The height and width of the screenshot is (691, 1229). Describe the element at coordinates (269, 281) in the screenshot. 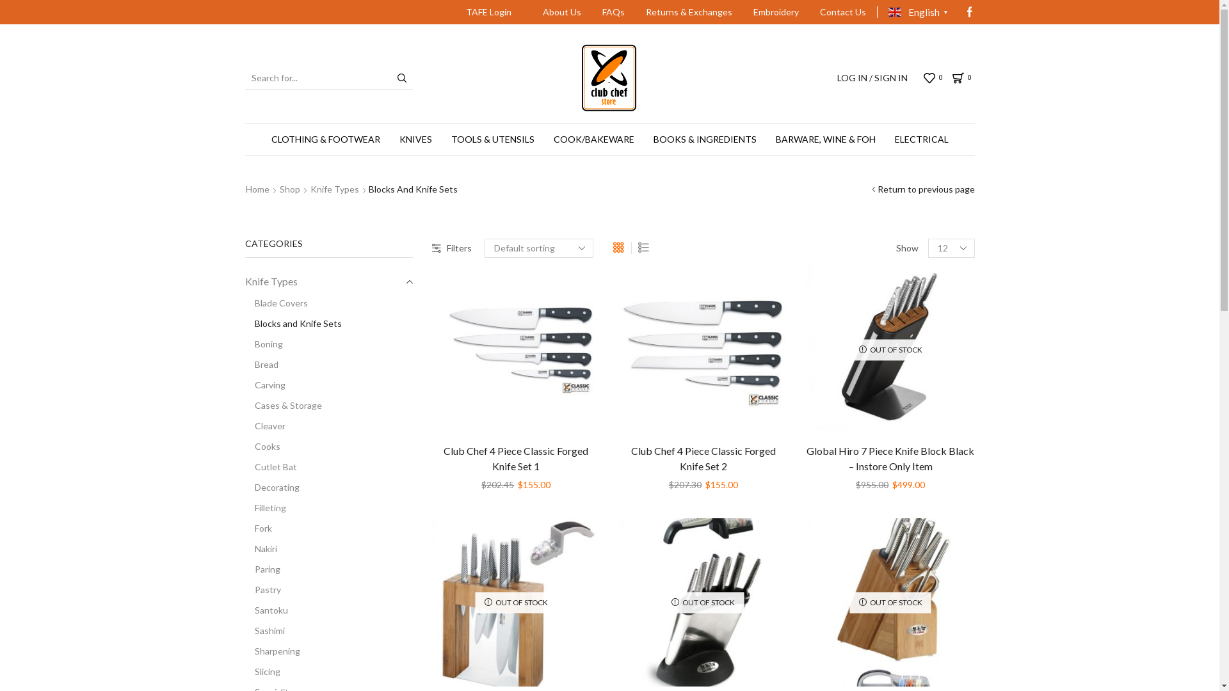

I see `'Knife Types'` at that location.